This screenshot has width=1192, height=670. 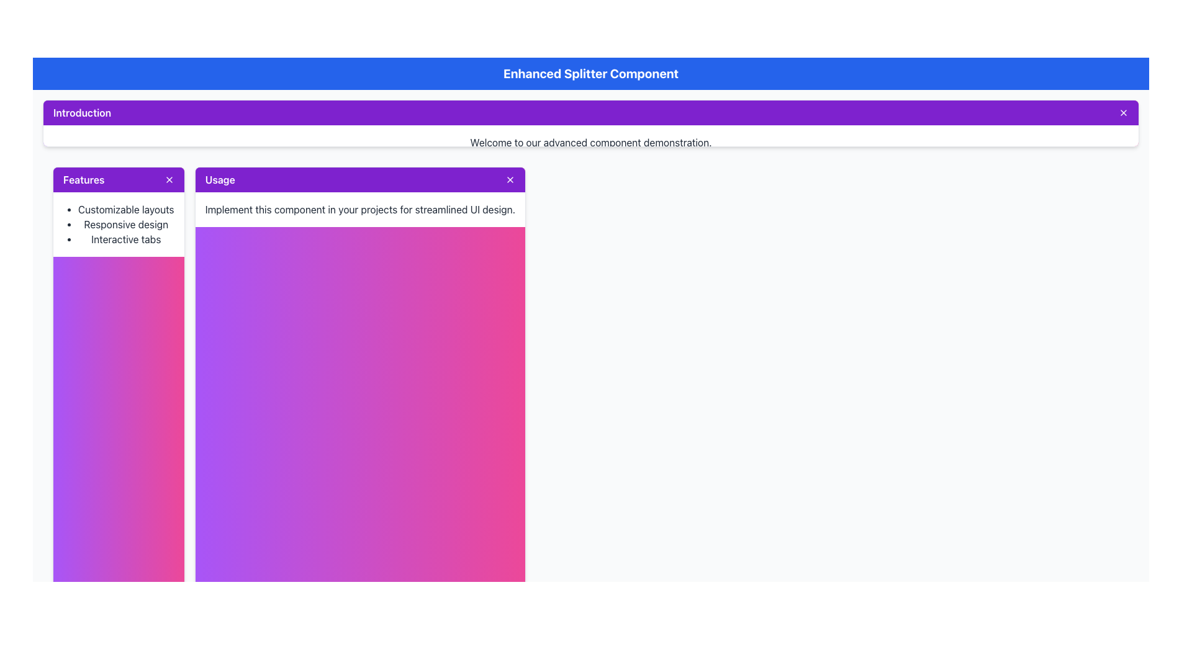 I want to click on the text entry 'Interactive tabs' in the bullet list under the 'Features' section, so click(x=126, y=239).